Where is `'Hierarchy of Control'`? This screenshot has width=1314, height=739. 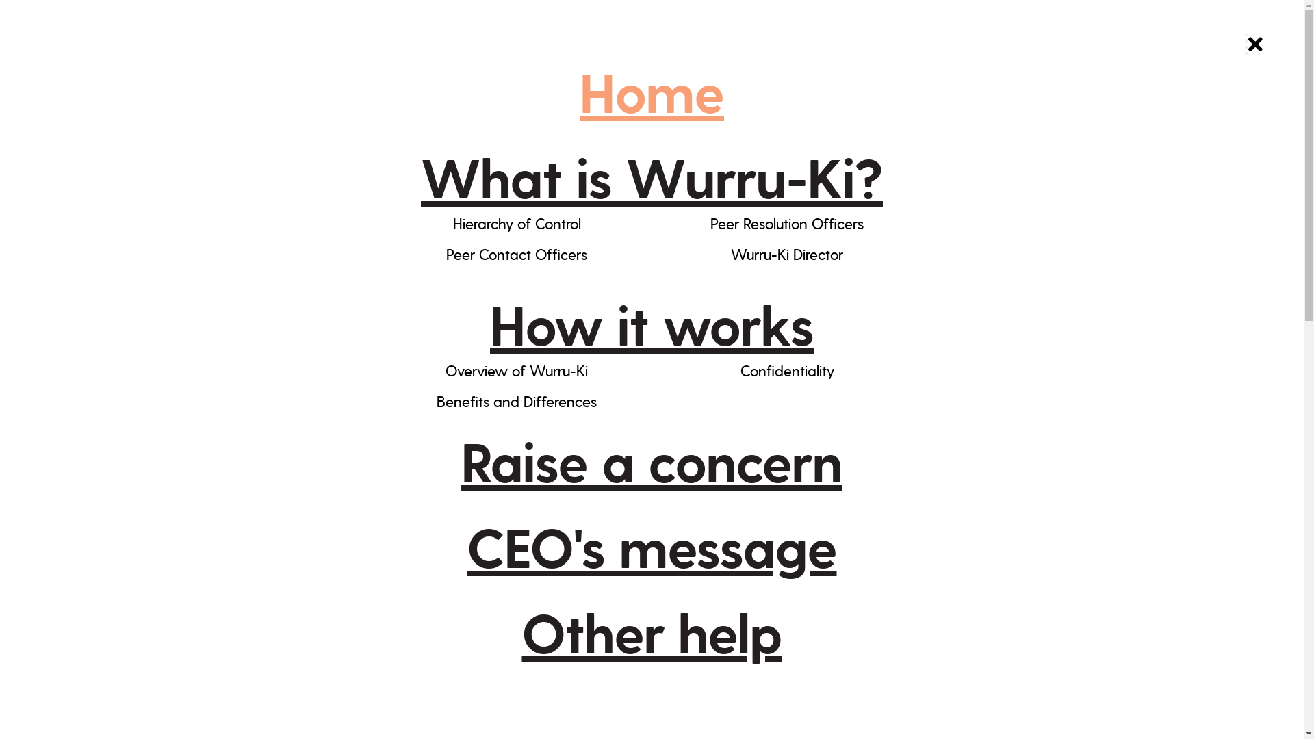
'Hierarchy of Control' is located at coordinates (516, 222).